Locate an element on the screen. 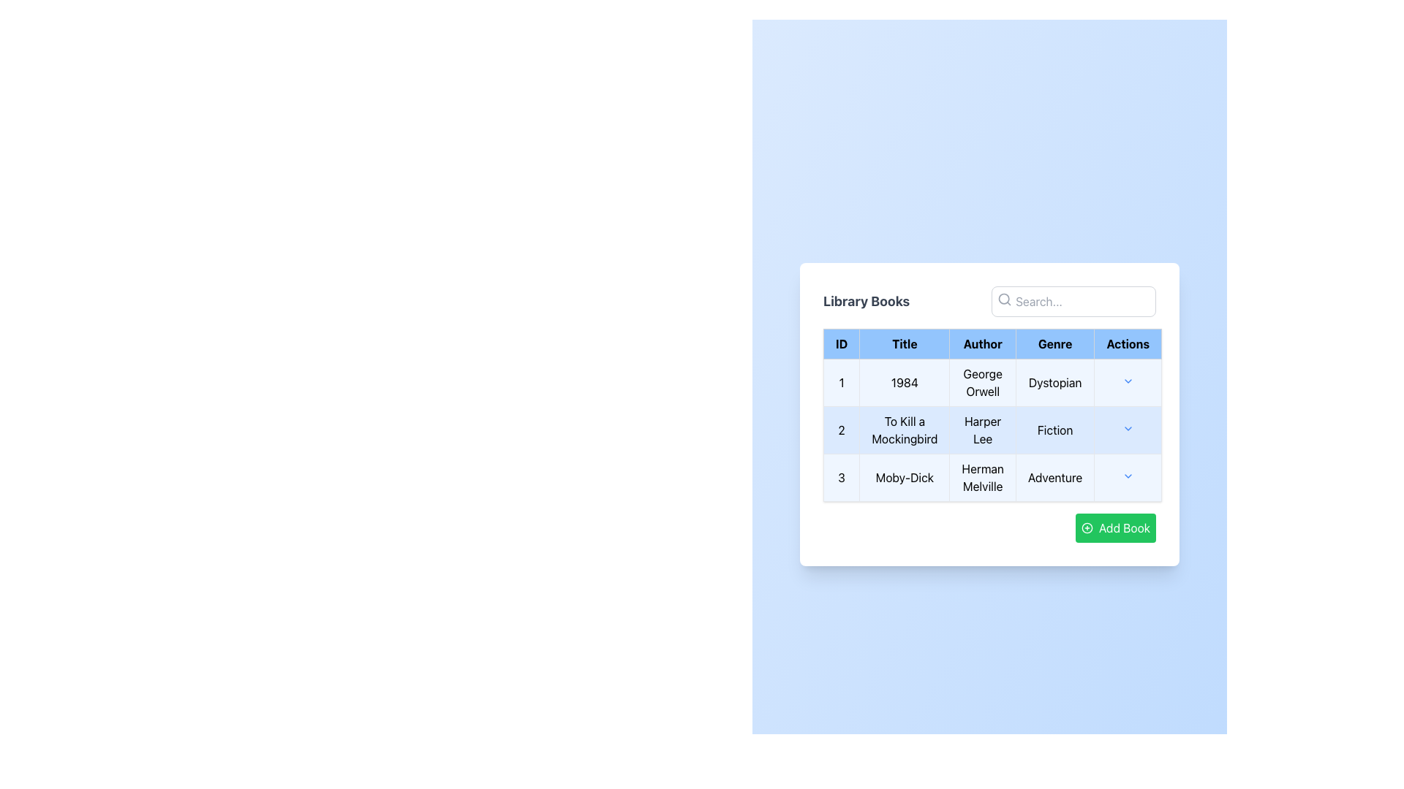 The width and height of the screenshot is (1404, 789). the text display element showing the name 'George Orwell' in the 'Author' column of the table for the book '1984' is located at coordinates (983, 381).